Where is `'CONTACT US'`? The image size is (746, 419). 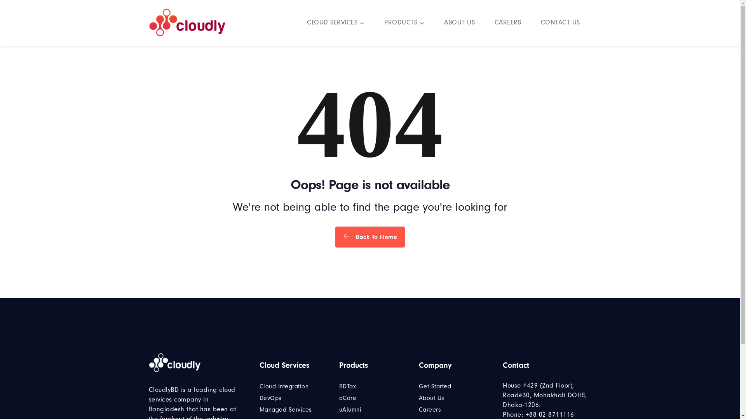 'CONTACT US' is located at coordinates (560, 23).